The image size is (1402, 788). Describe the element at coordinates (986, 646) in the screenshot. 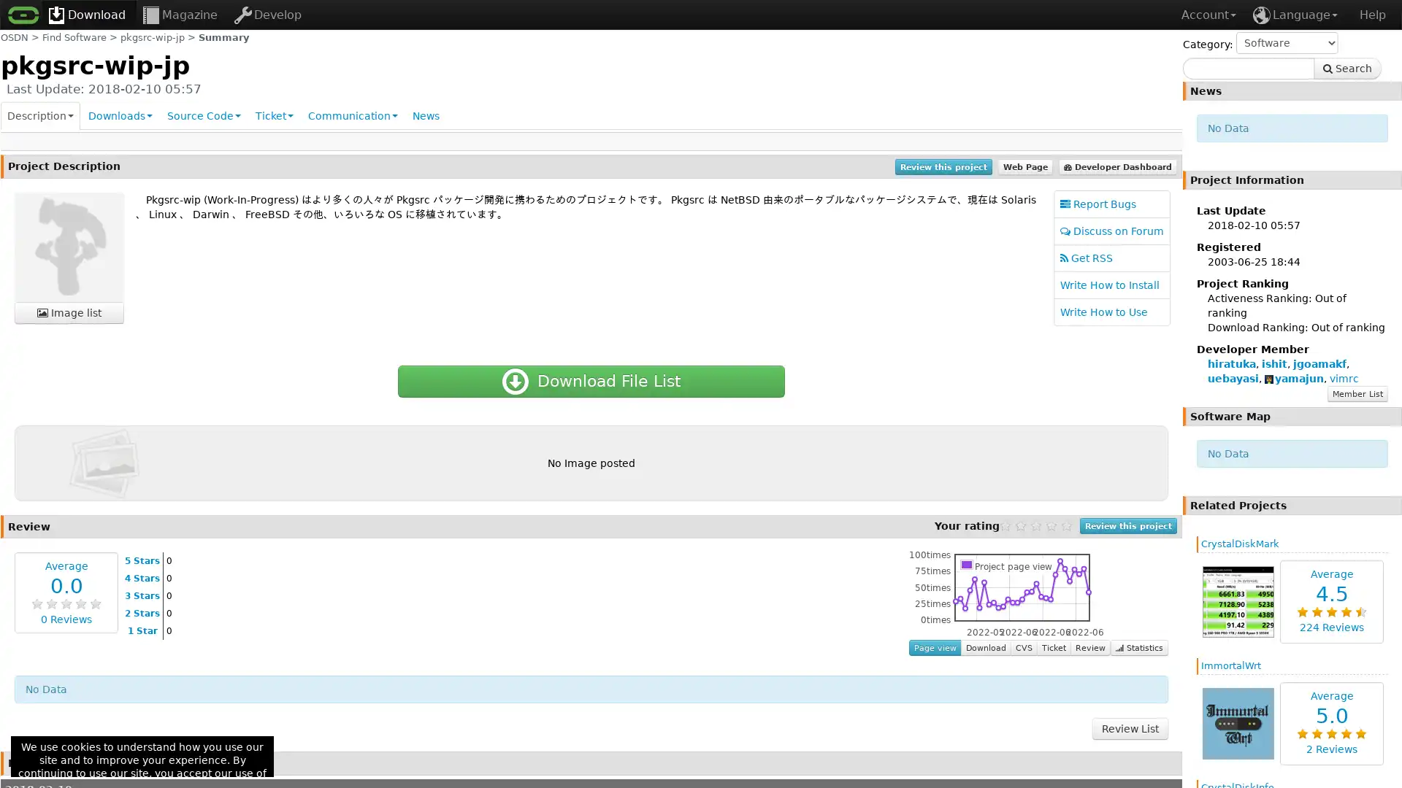

I see `Download` at that location.